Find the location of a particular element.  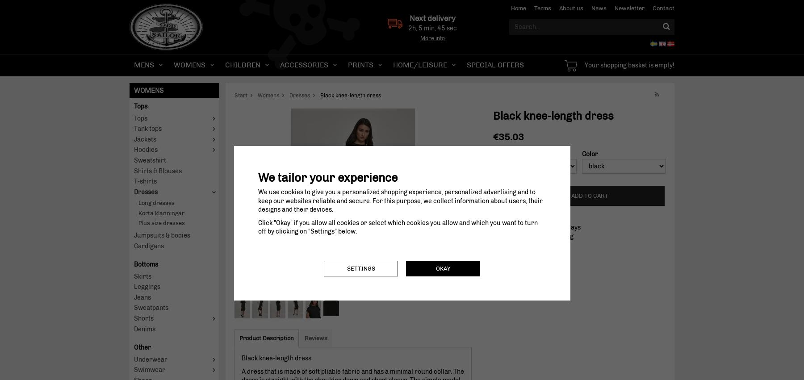

'Your shopping basket is empty!' is located at coordinates (629, 65).